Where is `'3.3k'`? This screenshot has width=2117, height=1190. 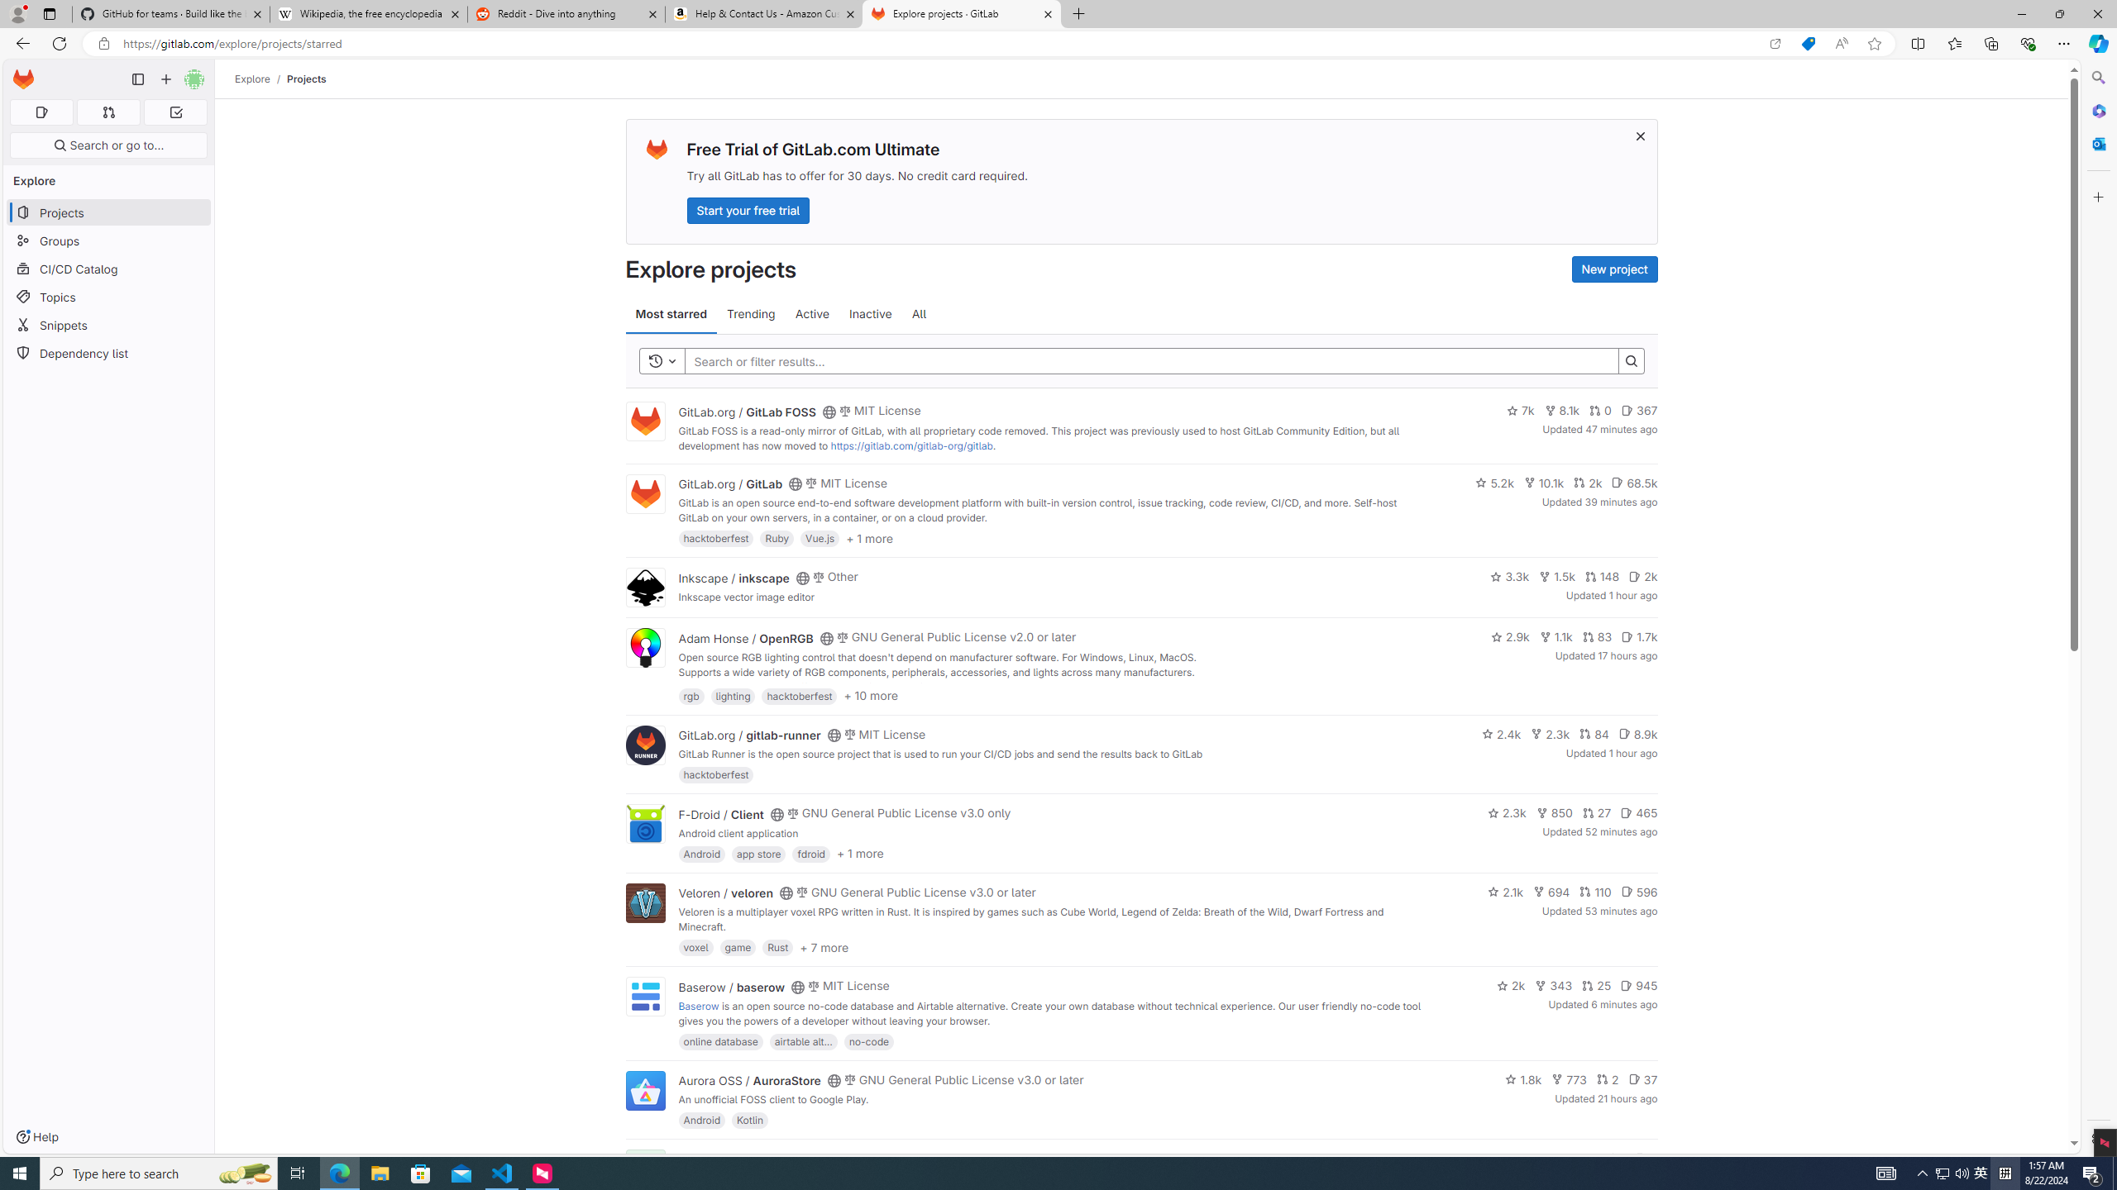 '3.3k' is located at coordinates (1510, 576).